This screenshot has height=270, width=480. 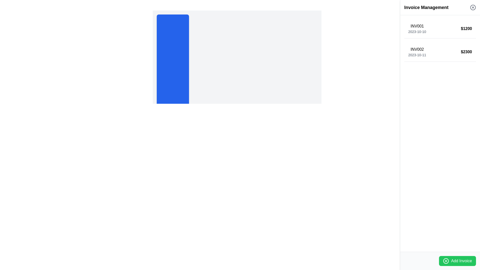 What do you see at coordinates (457, 261) in the screenshot?
I see `the 'Add Invoice' button located in the bottom-right corner of the interface` at bounding box center [457, 261].